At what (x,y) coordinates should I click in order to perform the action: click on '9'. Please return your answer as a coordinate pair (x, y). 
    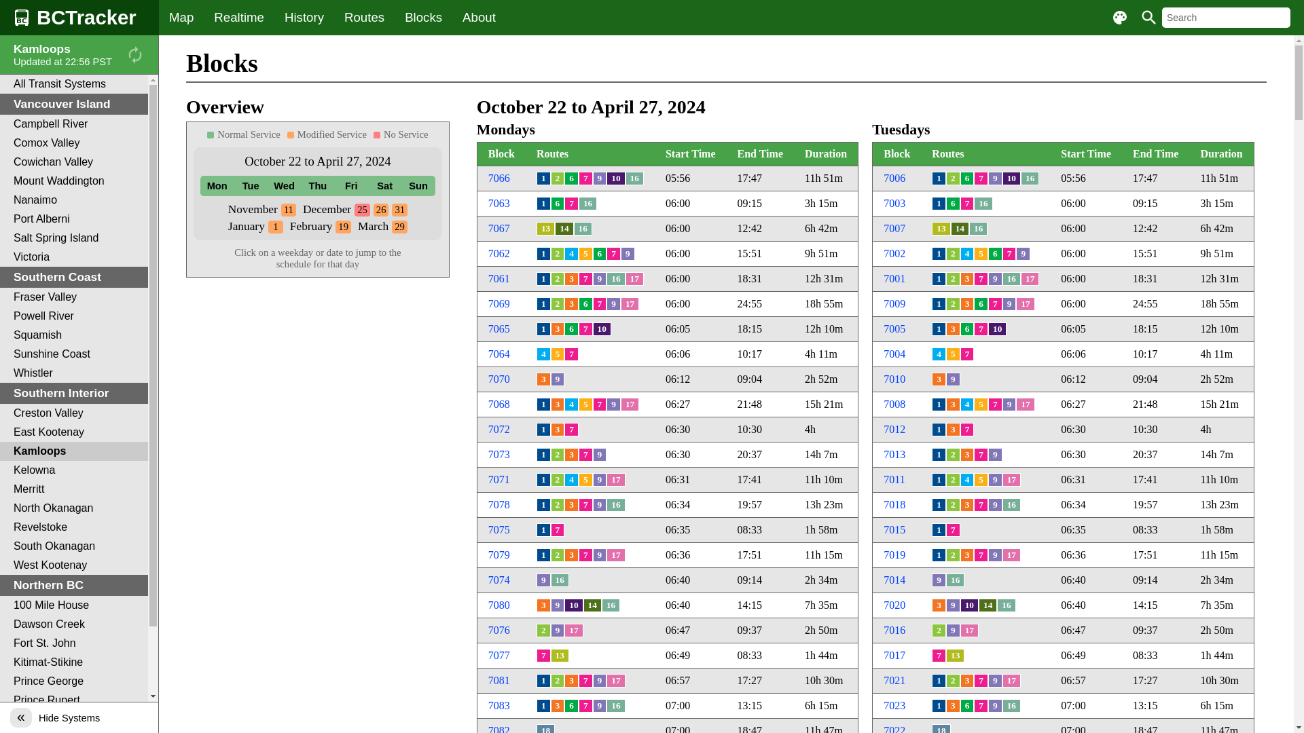
    Looking at the image, I should click on (988, 680).